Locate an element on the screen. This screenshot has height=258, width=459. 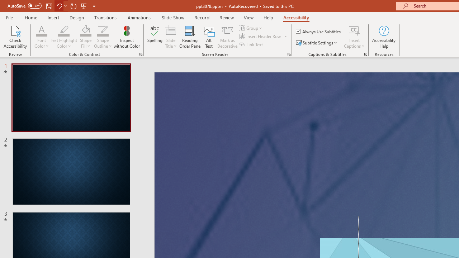
'Reading Order Pane' is located at coordinates (190, 37).